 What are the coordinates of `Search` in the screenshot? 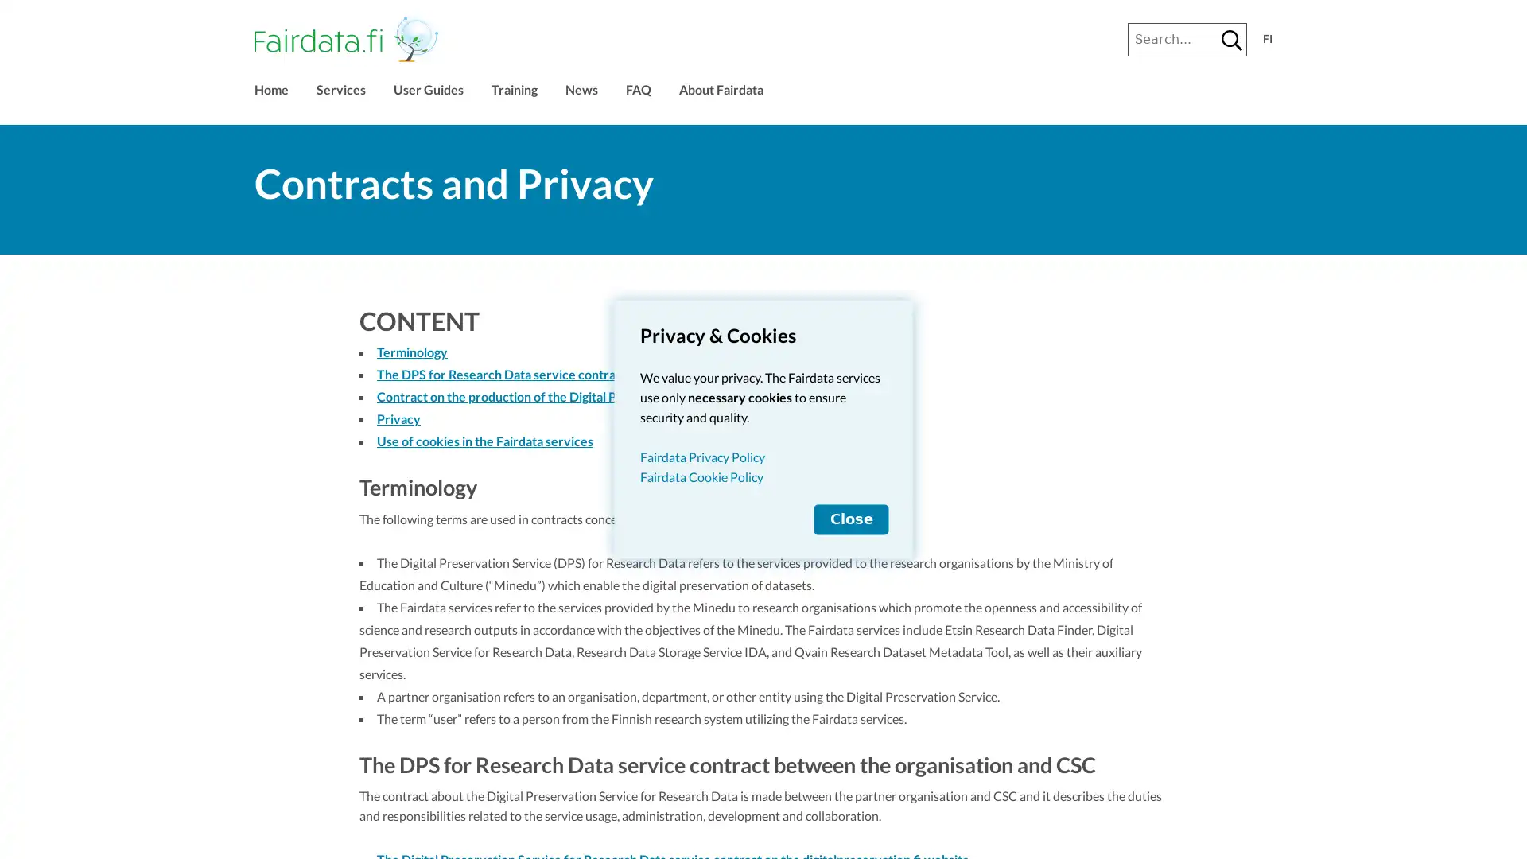 It's located at (1231, 39).